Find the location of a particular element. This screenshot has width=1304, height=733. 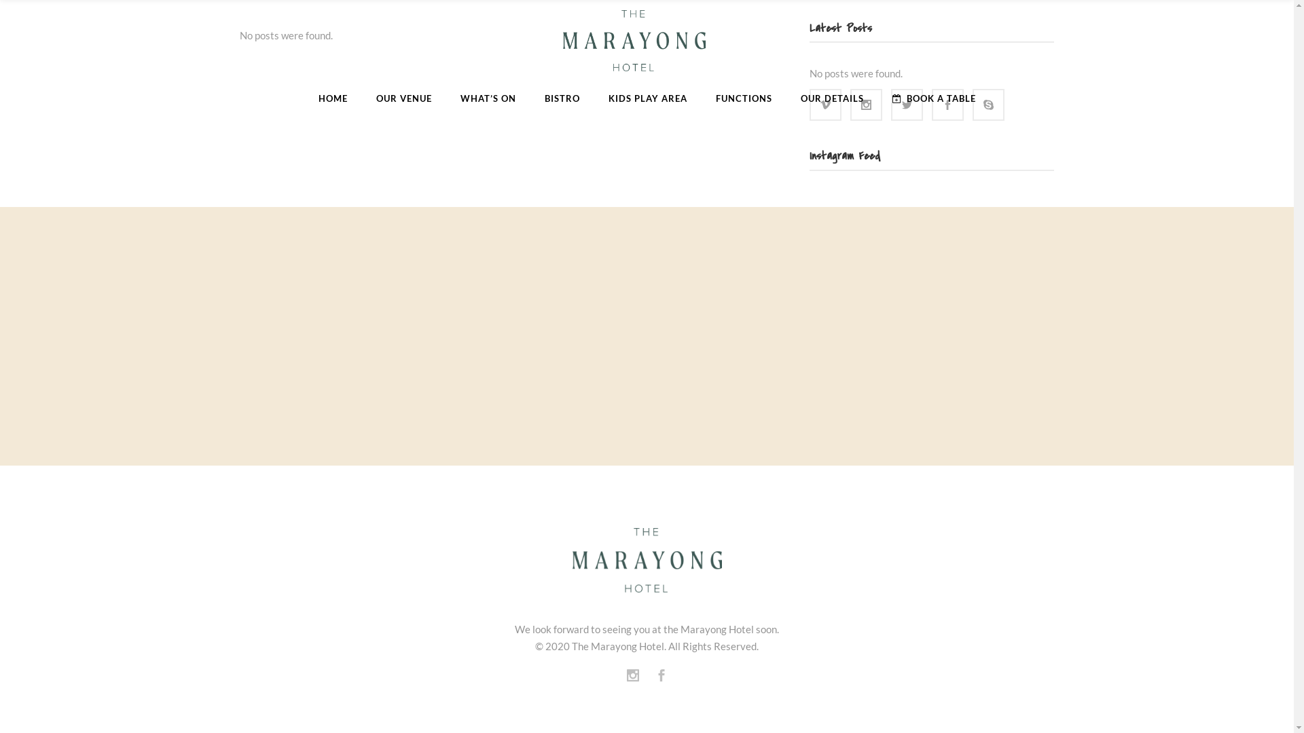

'KIDS PLAY AREA' is located at coordinates (647, 98).